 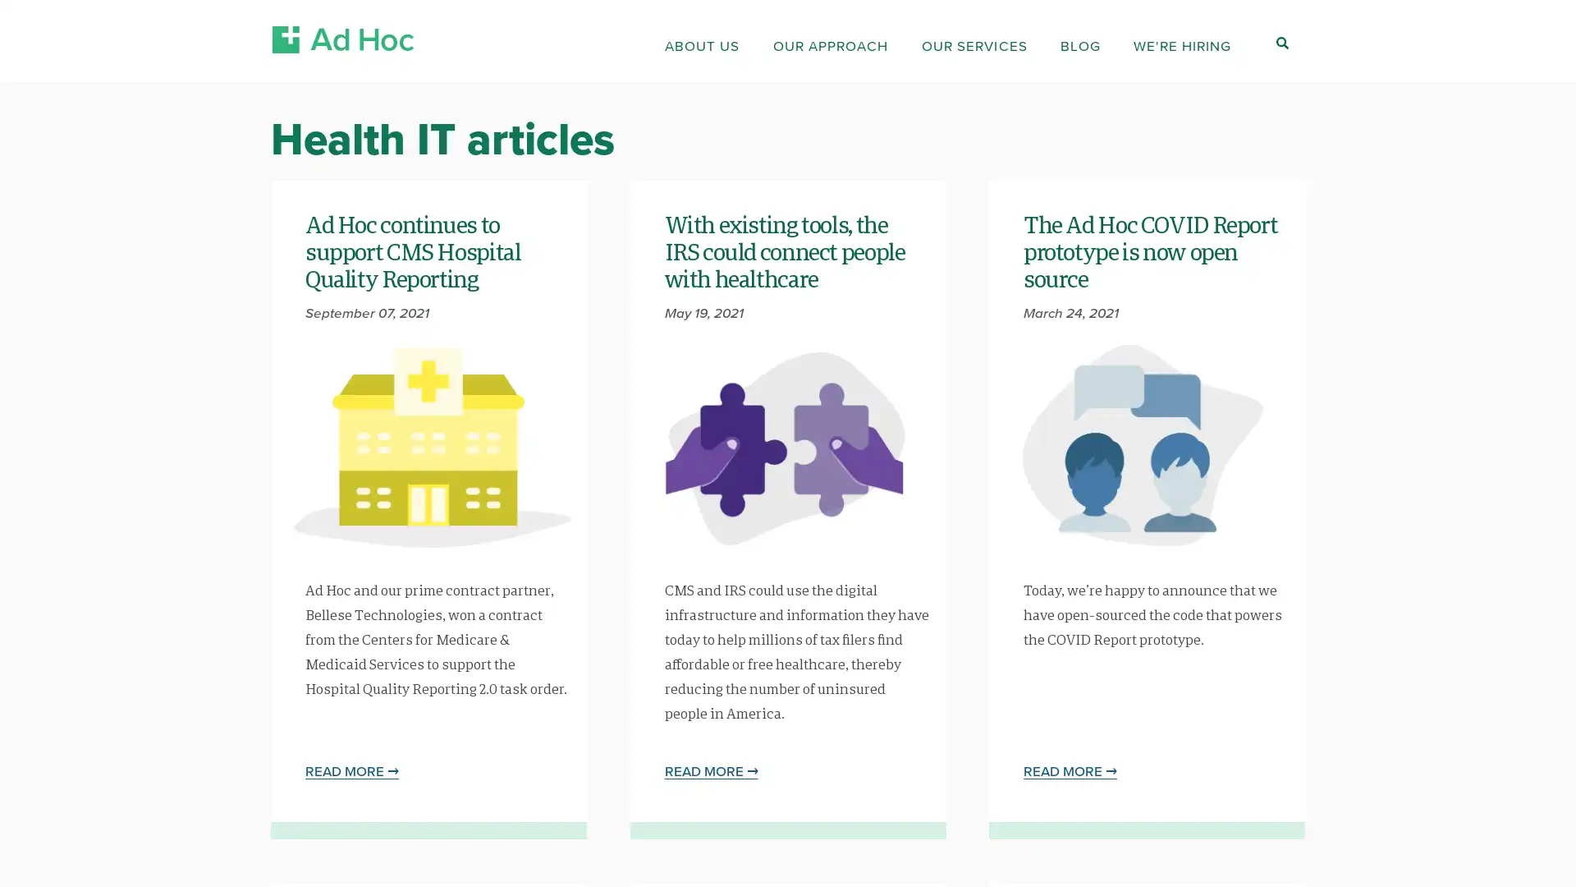 I want to click on Reveal Search Form, so click(x=1280, y=42).